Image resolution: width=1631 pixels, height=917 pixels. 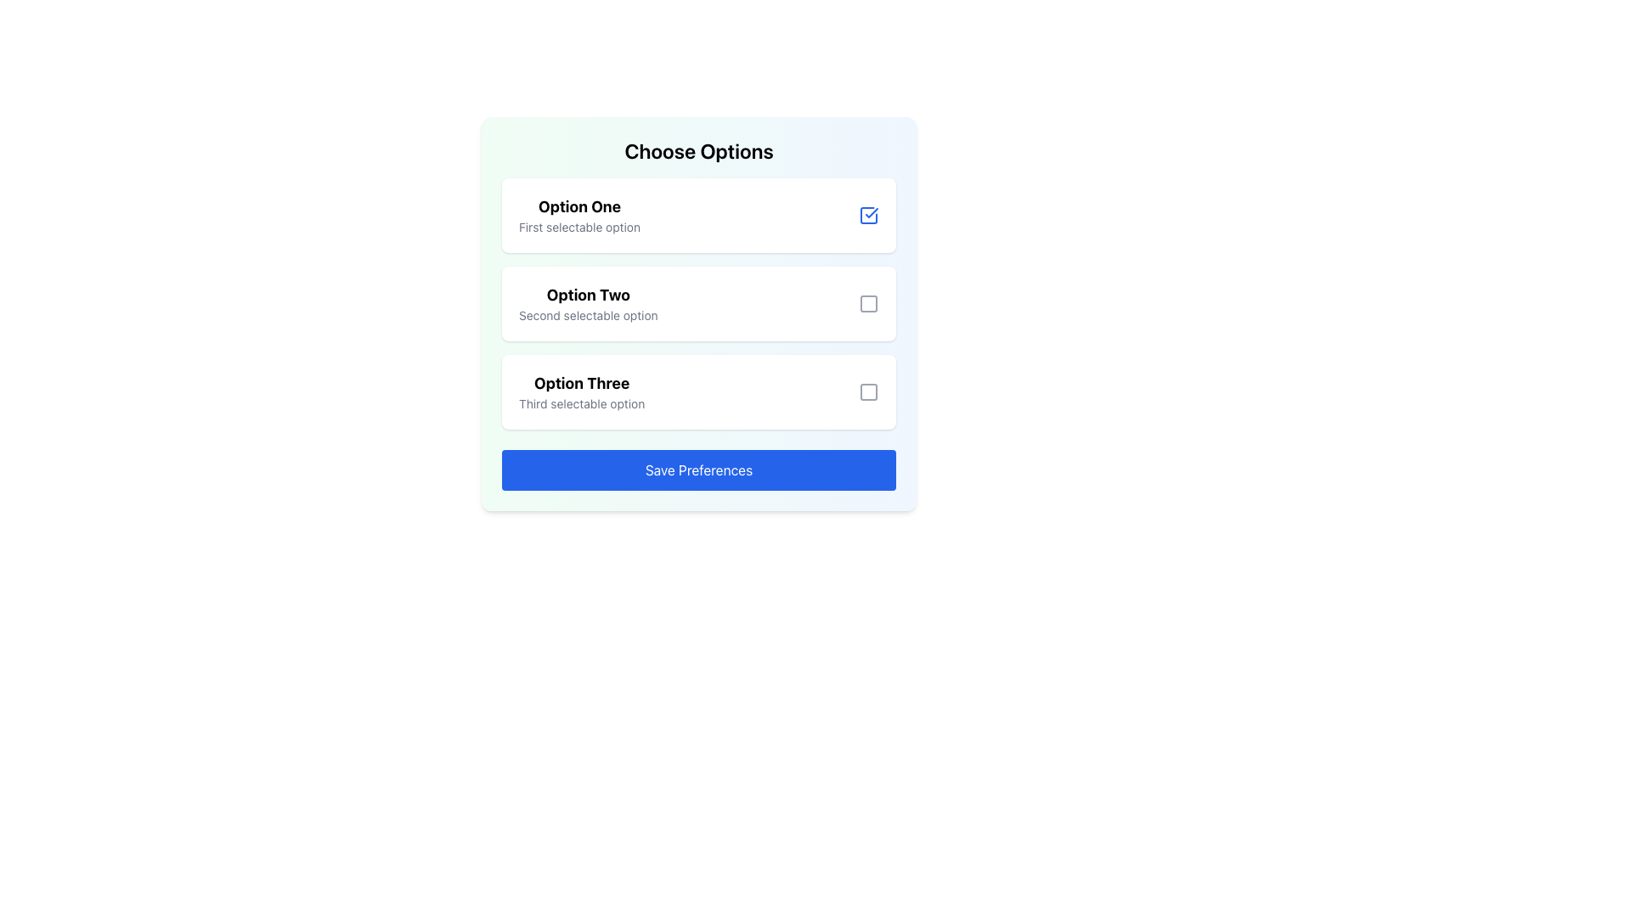 I want to click on the text label that reads 'Third selectable option', which is styled with a gray, small-sized font and located directly below 'Option Three' in the 'Choose Options' section, so click(x=582, y=403).